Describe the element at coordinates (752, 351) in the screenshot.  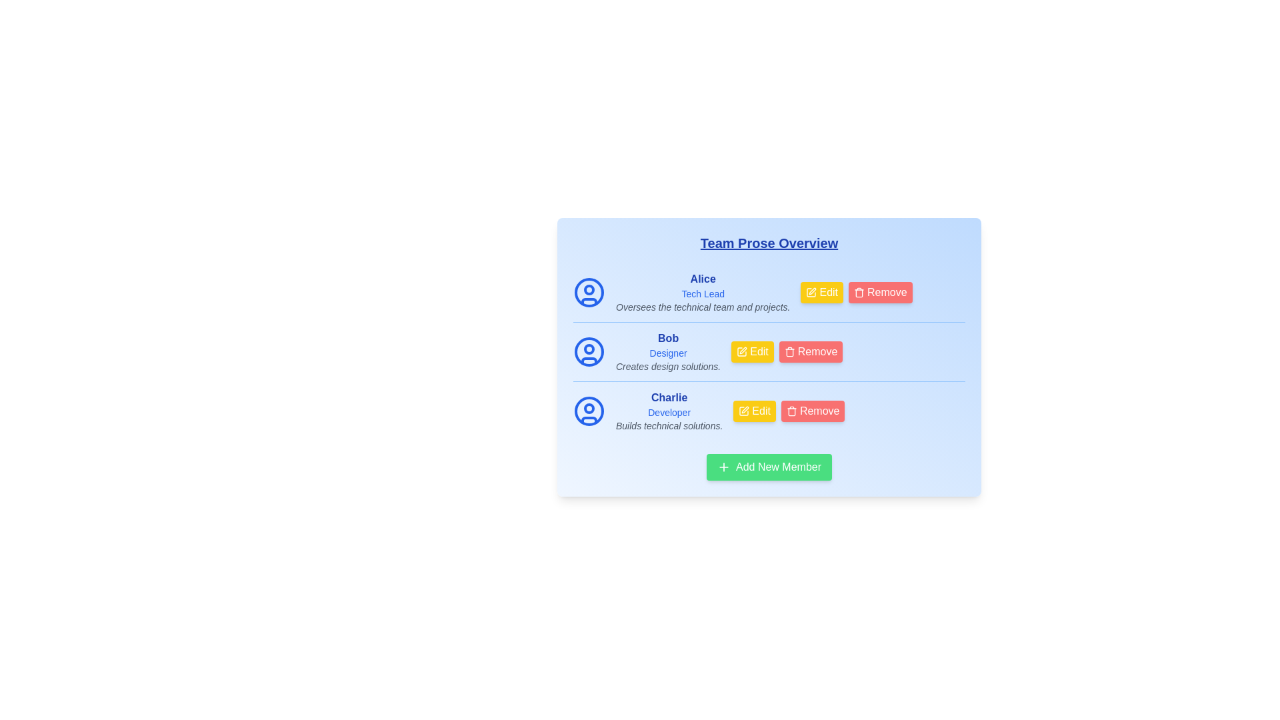
I see `the edit button located next to the 'Remove' button in Bob's profile section` at that location.